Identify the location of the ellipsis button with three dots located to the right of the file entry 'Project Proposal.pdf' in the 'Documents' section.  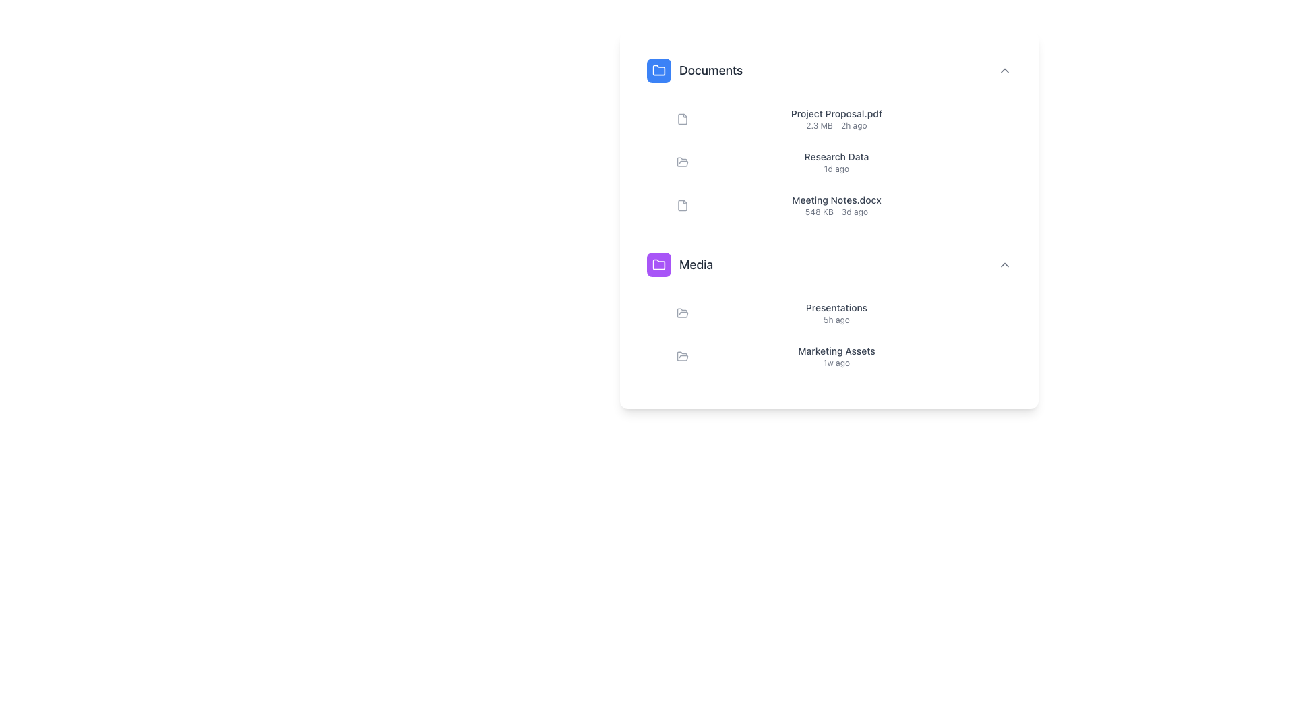
(1006, 119).